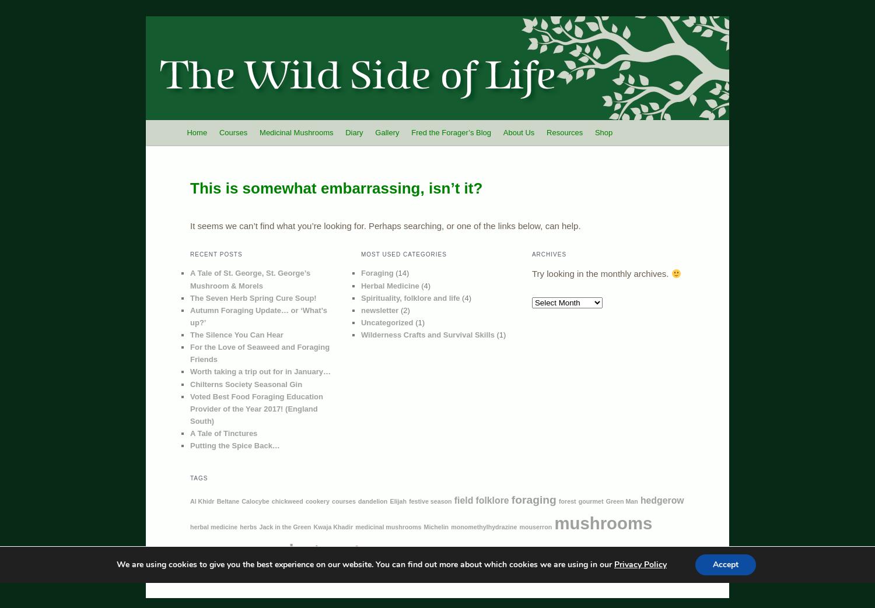 This screenshot has height=608, width=875. What do you see at coordinates (217, 572) in the screenshot?
I see `'wild food'` at bounding box center [217, 572].